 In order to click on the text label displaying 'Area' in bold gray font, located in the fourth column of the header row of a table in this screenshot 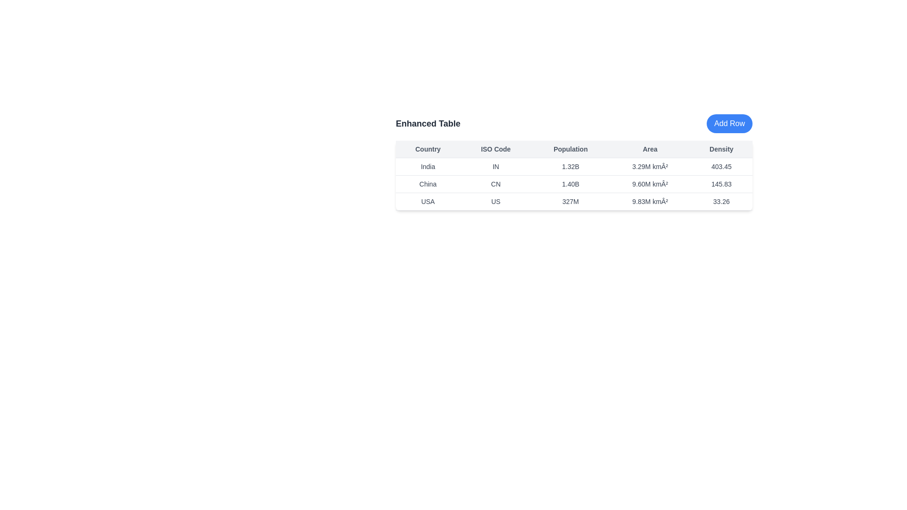, I will do `click(650, 149)`.